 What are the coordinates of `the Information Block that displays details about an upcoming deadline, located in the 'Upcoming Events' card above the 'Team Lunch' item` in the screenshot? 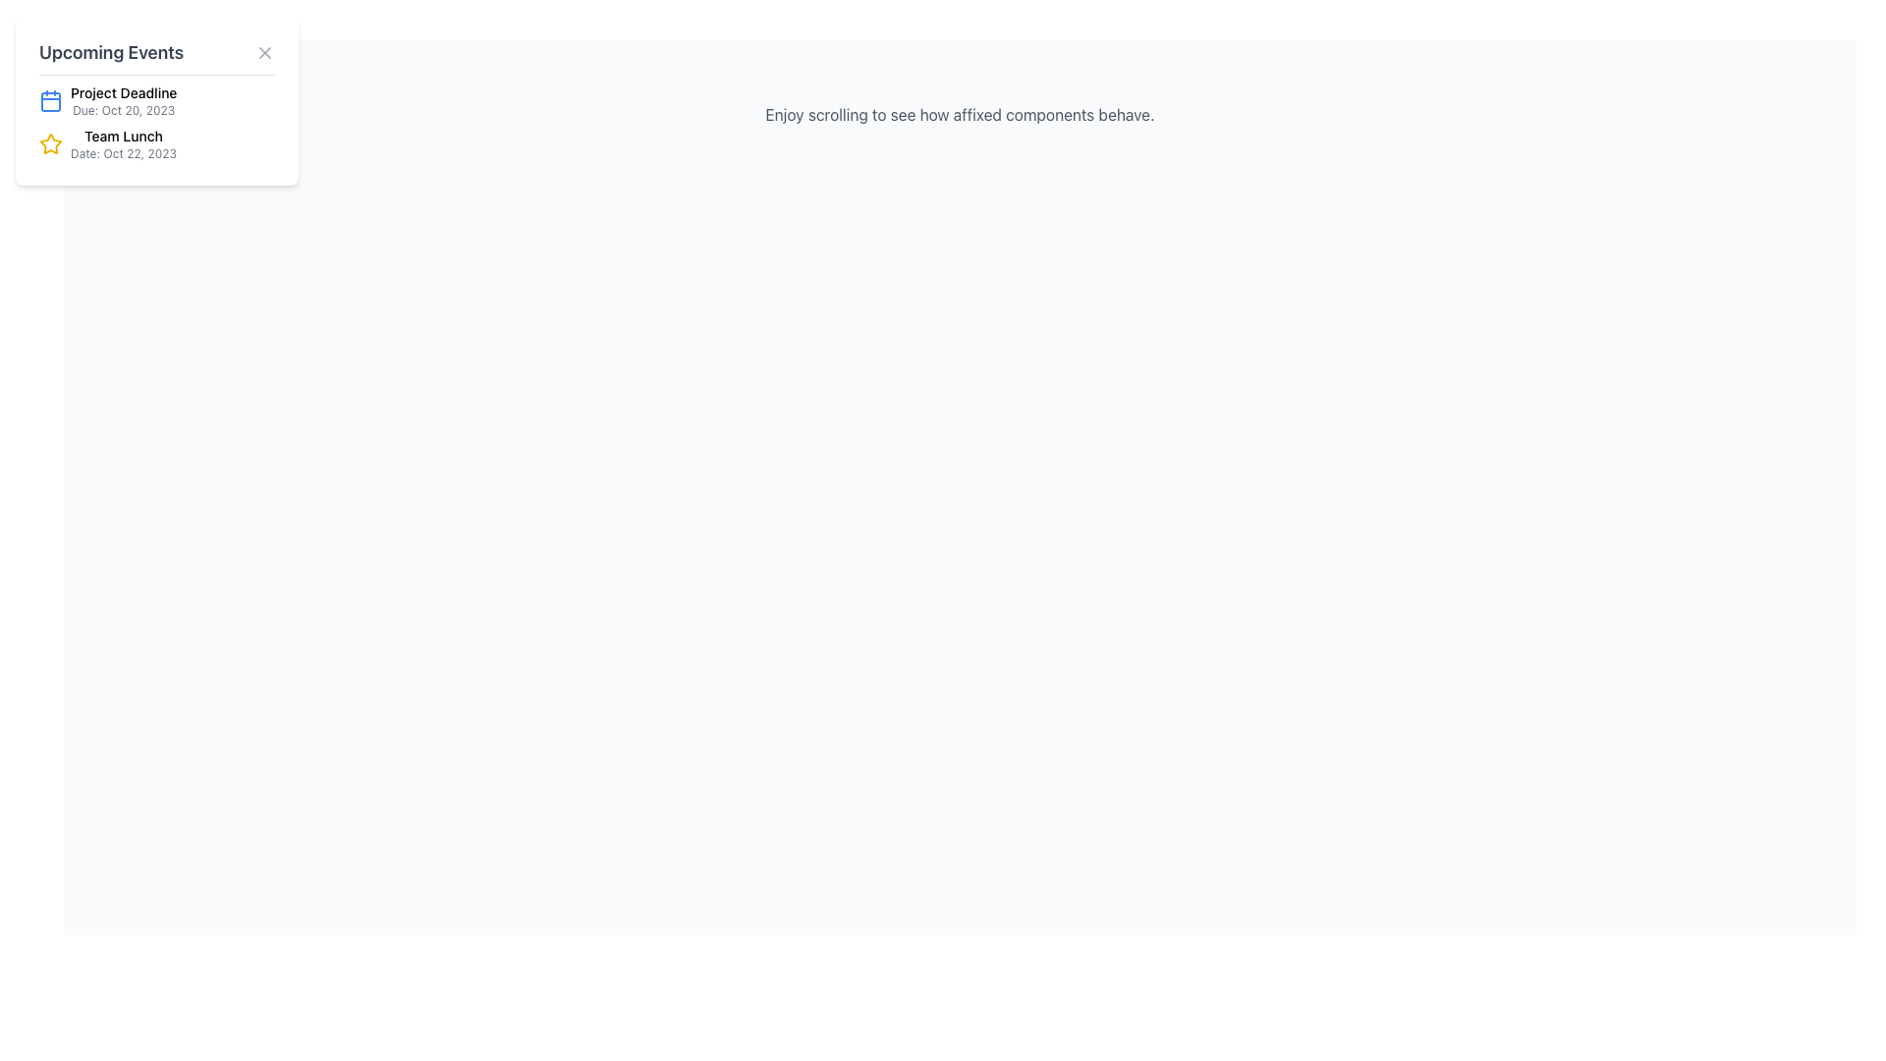 It's located at (155, 101).